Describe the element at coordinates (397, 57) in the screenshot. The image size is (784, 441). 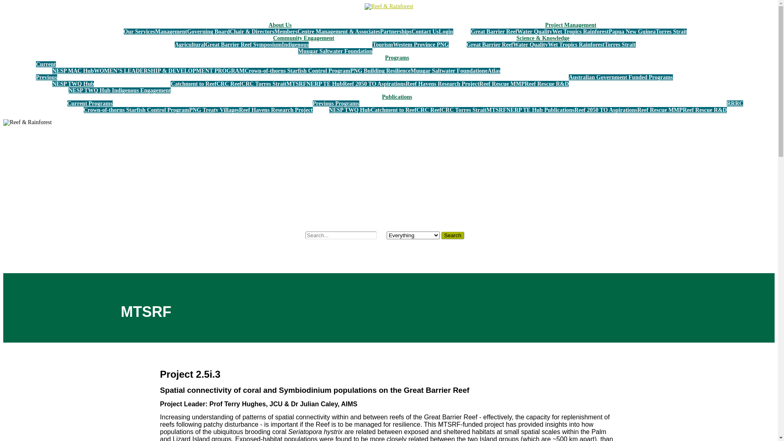
I see `'Programs'` at that location.